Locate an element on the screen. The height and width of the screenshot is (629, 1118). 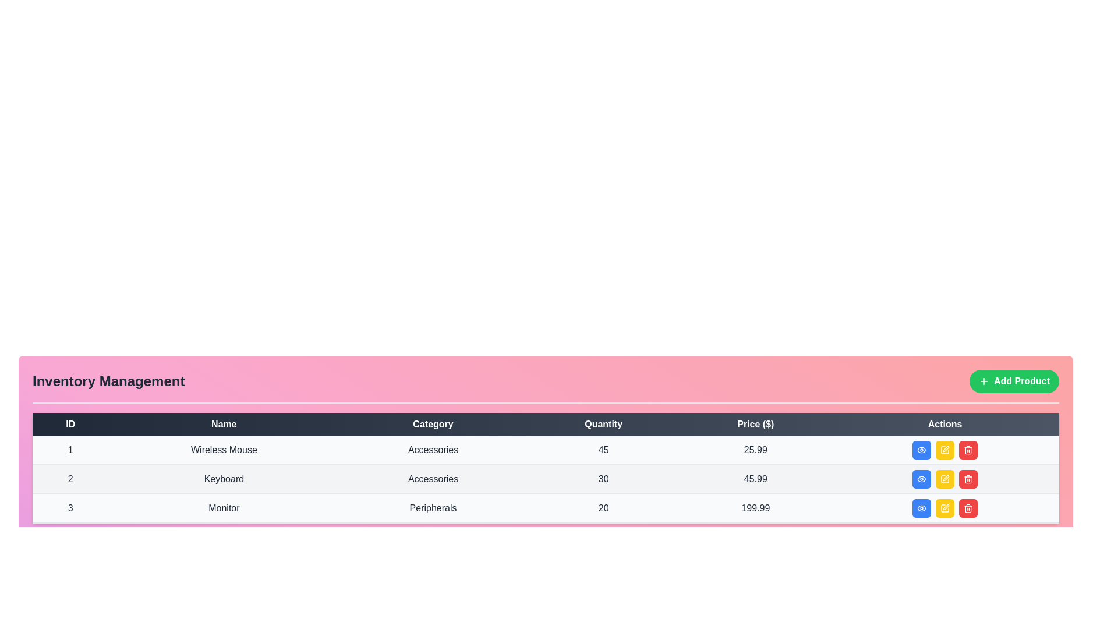
the text label displaying '30' in bold gray font, located in the fourth column of the second row of the table is located at coordinates (603, 479).